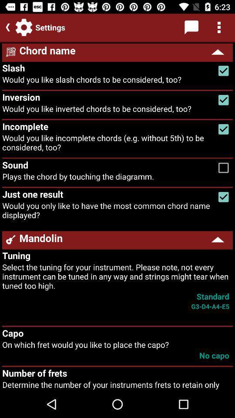 Image resolution: width=235 pixels, height=418 pixels. I want to click on the settings icon, so click(24, 27).